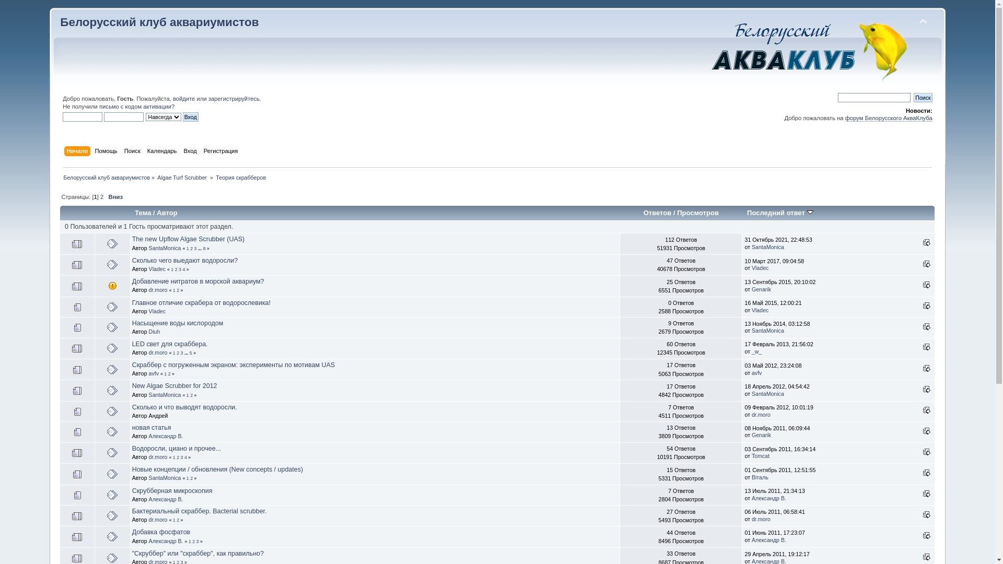 Image resolution: width=1003 pixels, height=564 pixels. I want to click on '1', so click(186, 395).